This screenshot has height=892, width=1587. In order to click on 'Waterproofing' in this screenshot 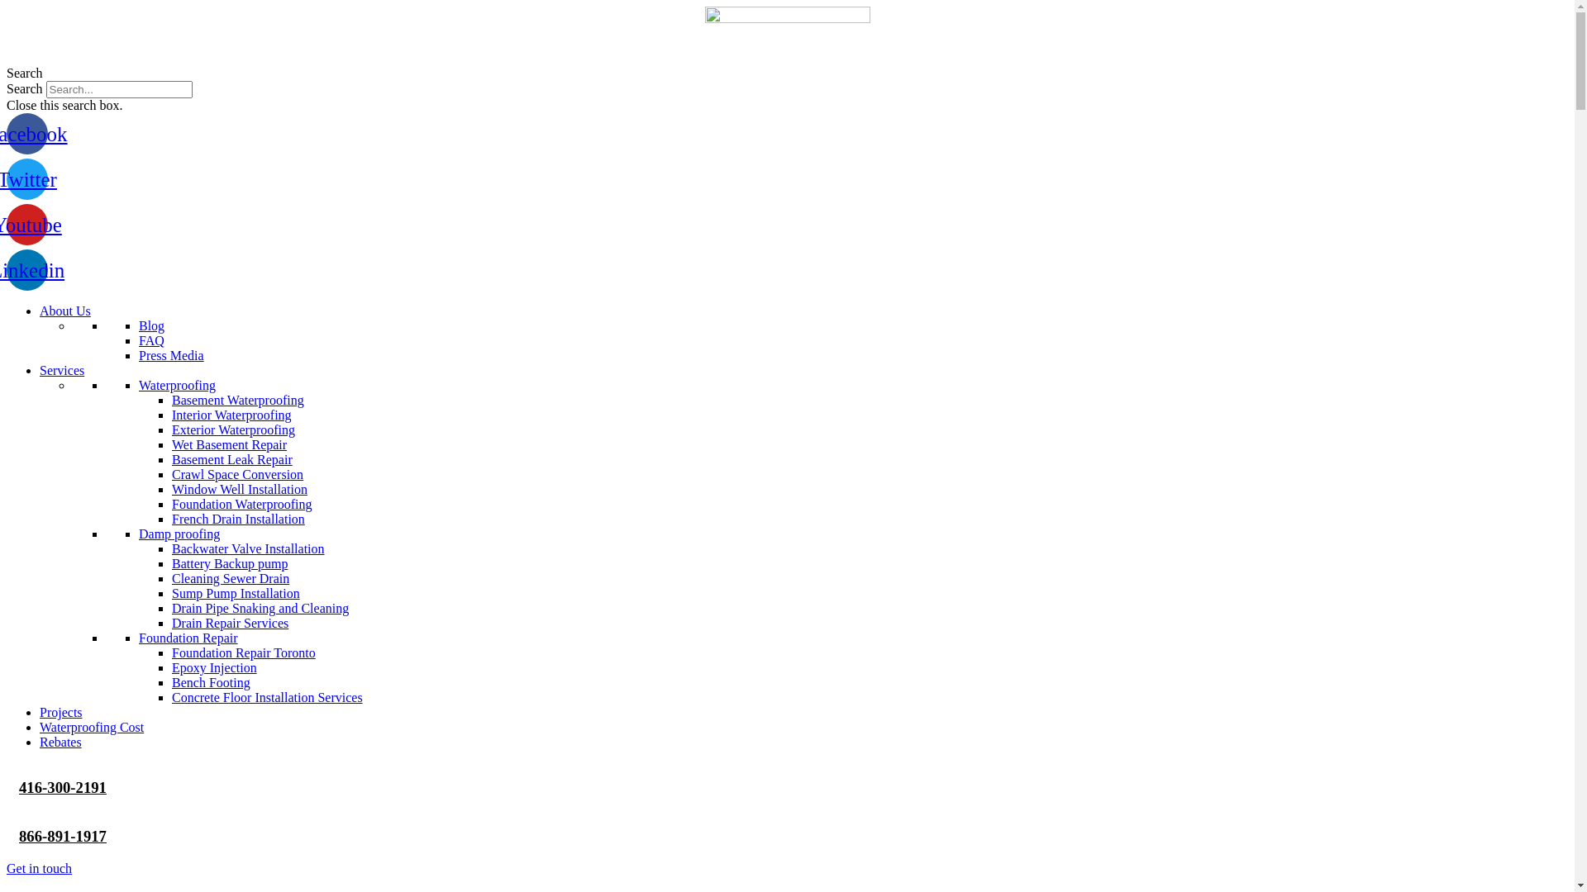, I will do `click(177, 385)`.